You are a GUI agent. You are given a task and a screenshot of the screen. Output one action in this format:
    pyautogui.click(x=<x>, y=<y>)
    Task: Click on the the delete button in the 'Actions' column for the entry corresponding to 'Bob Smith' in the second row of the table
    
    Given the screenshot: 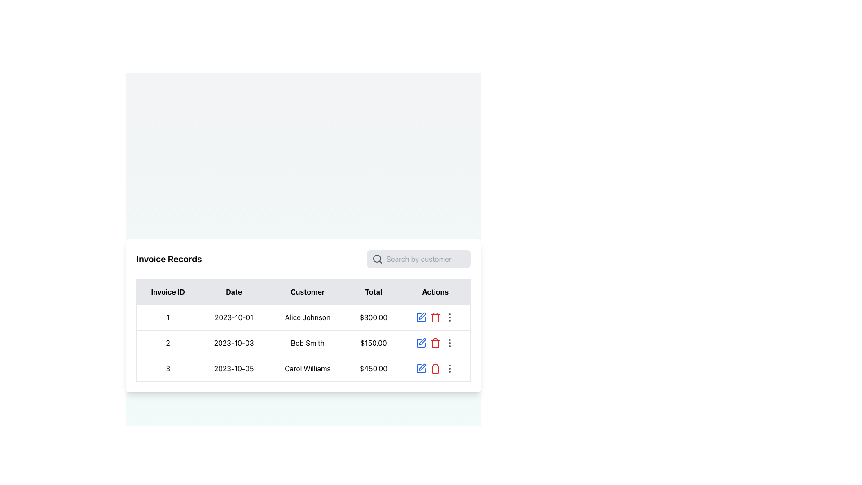 What is the action you would take?
    pyautogui.click(x=435, y=343)
    